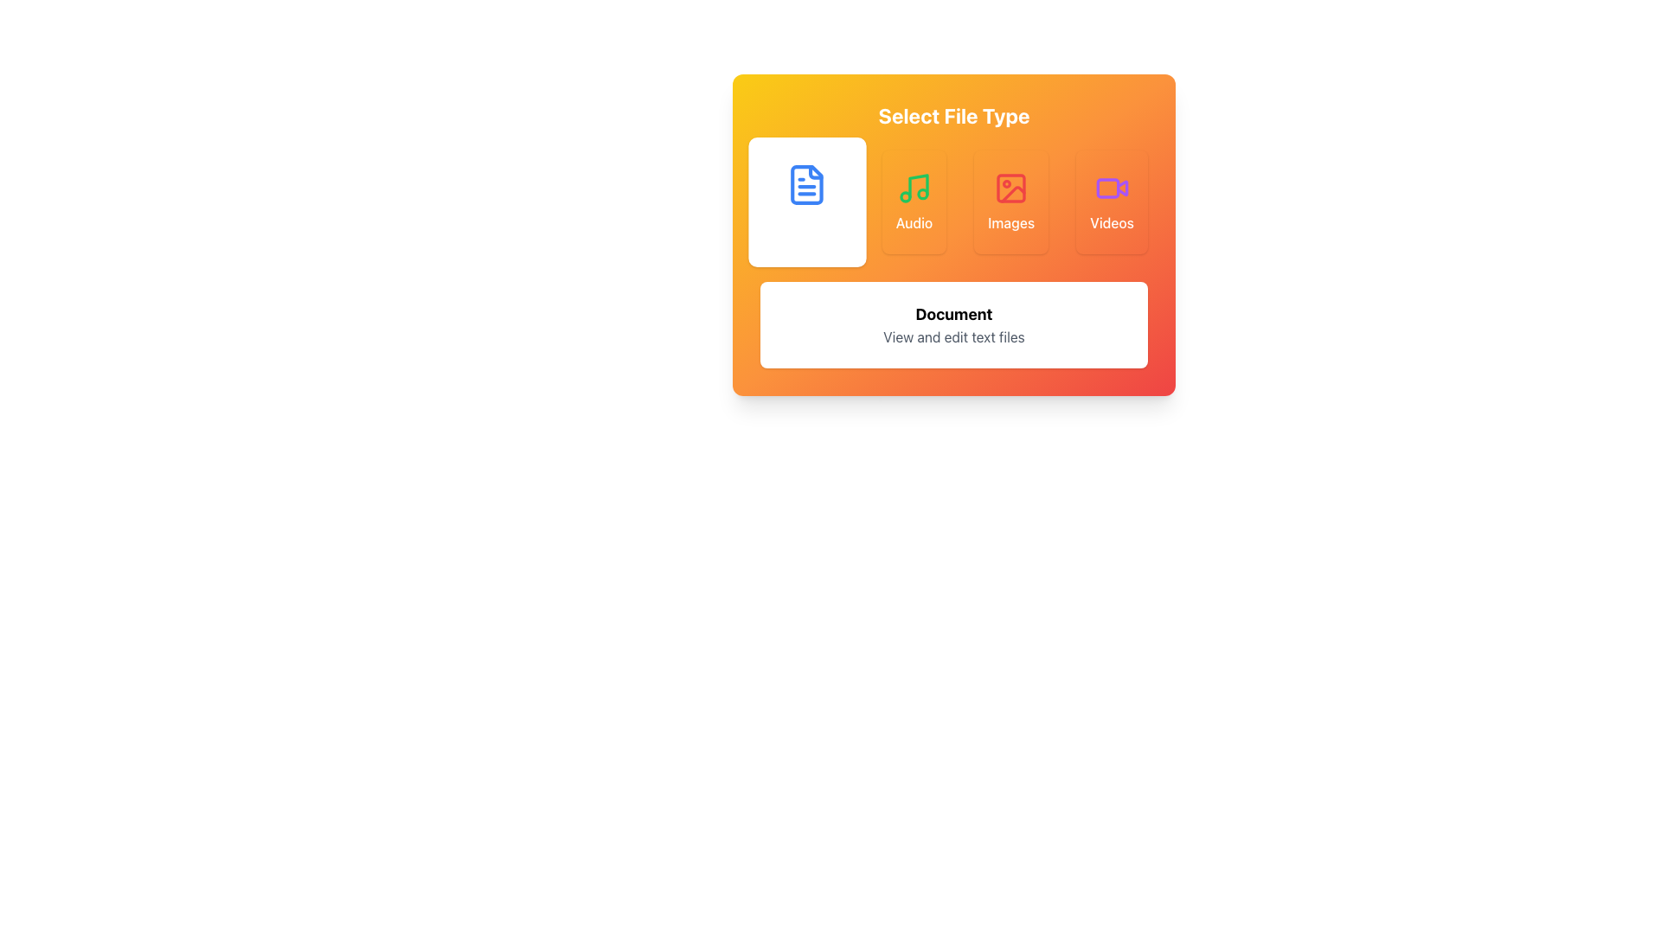 The height and width of the screenshot is (934, 1661). Describe the element at coordinates (1107, 189) in the screenshot. I see `the decorative rectangle with rounded corners and an orange background located inside the video player icon, which is the fourth icon from the left in the file type selection options` at that location.